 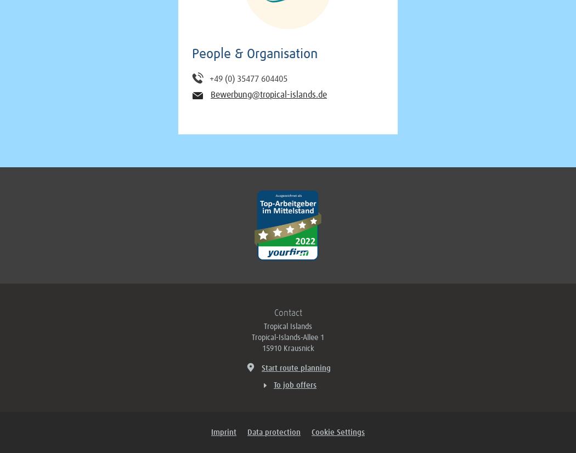 What do you see at coordinates (273, 432) in the screenshot?
I see `'Data protection'` at bounding box center [273, 432].